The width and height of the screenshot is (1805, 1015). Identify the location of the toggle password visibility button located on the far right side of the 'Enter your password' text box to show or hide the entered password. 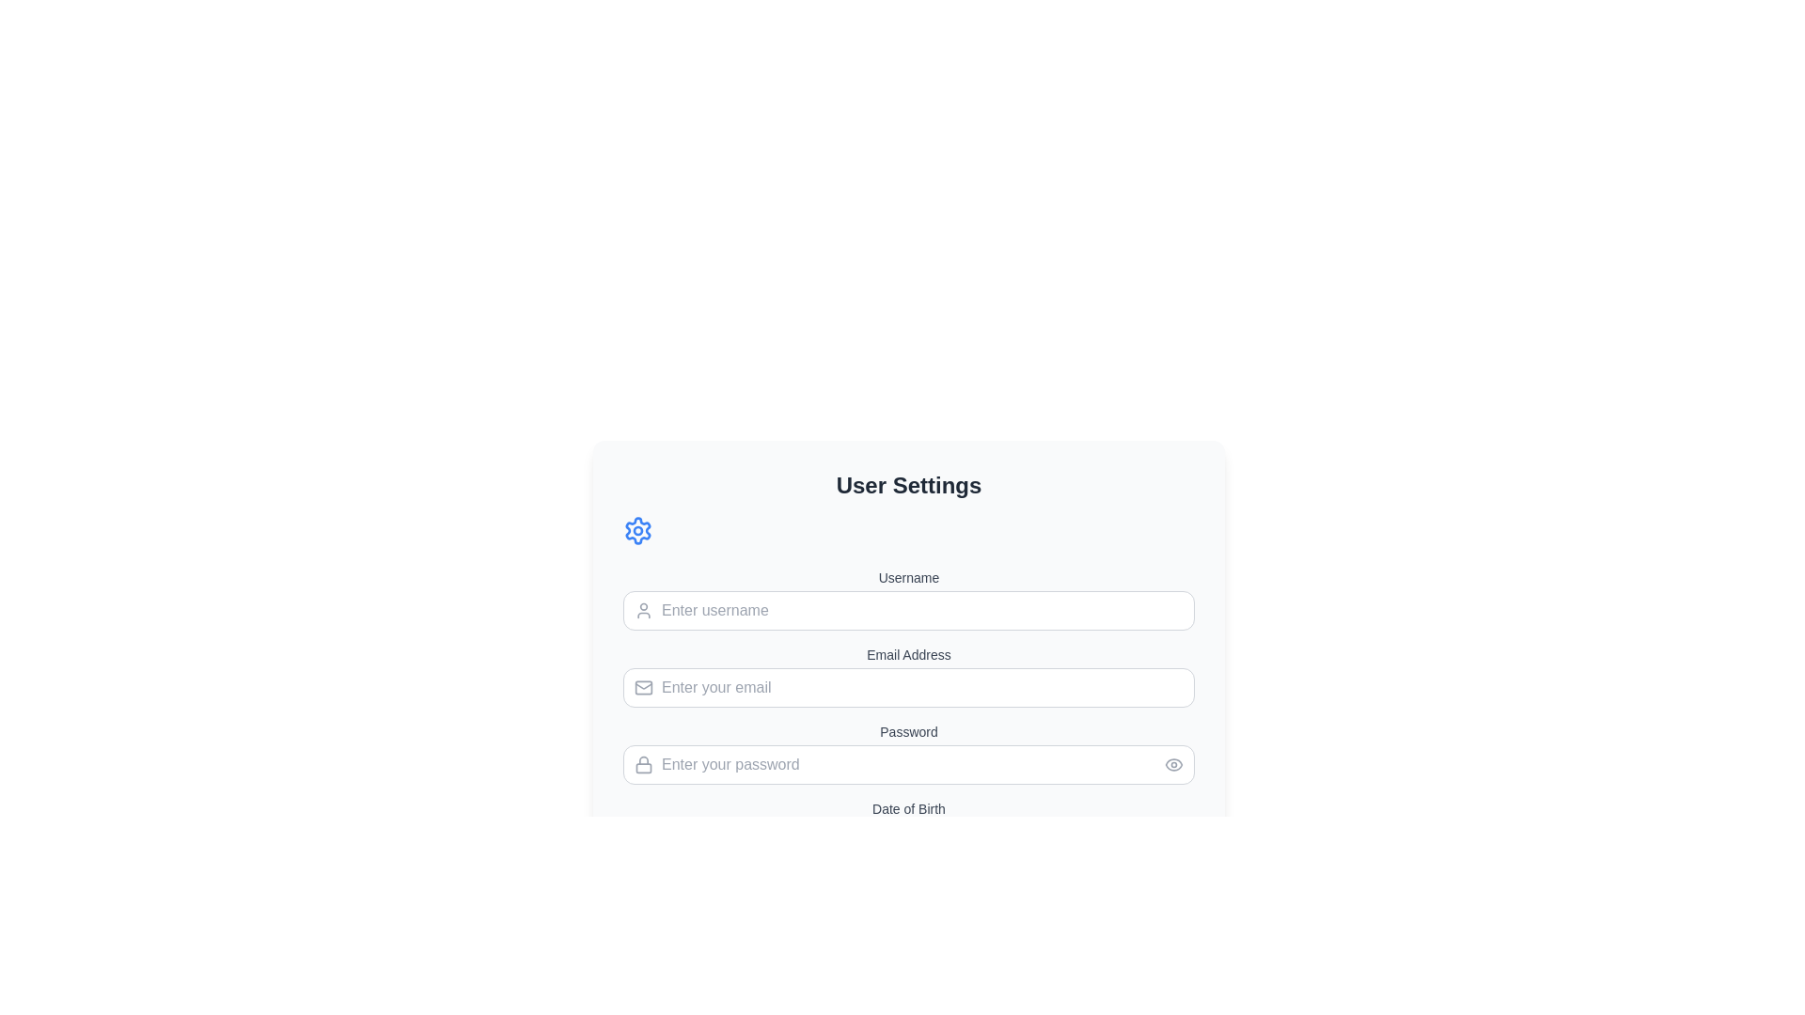
(1172, 764).